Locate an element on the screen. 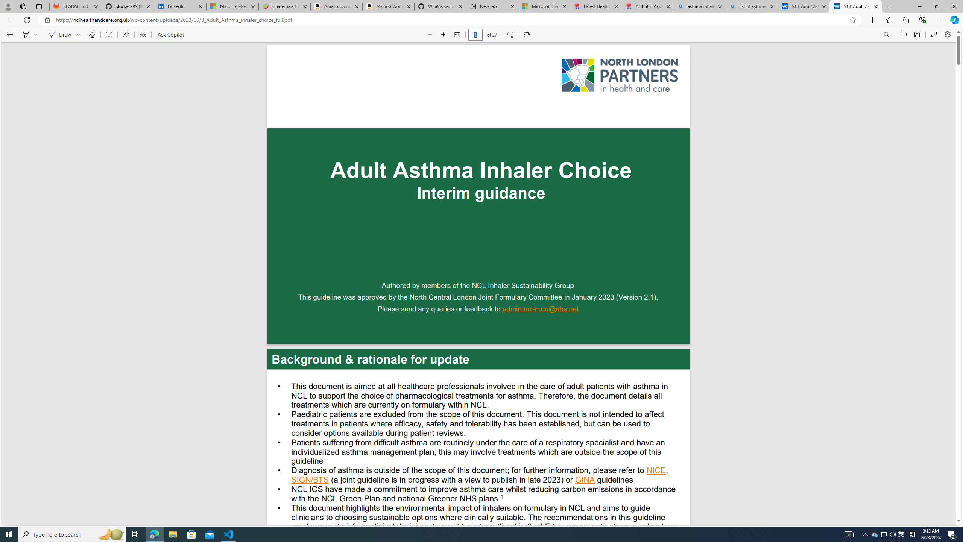 The image size is (963, 542). 'Highlight' is located at coordinates (26, 34).